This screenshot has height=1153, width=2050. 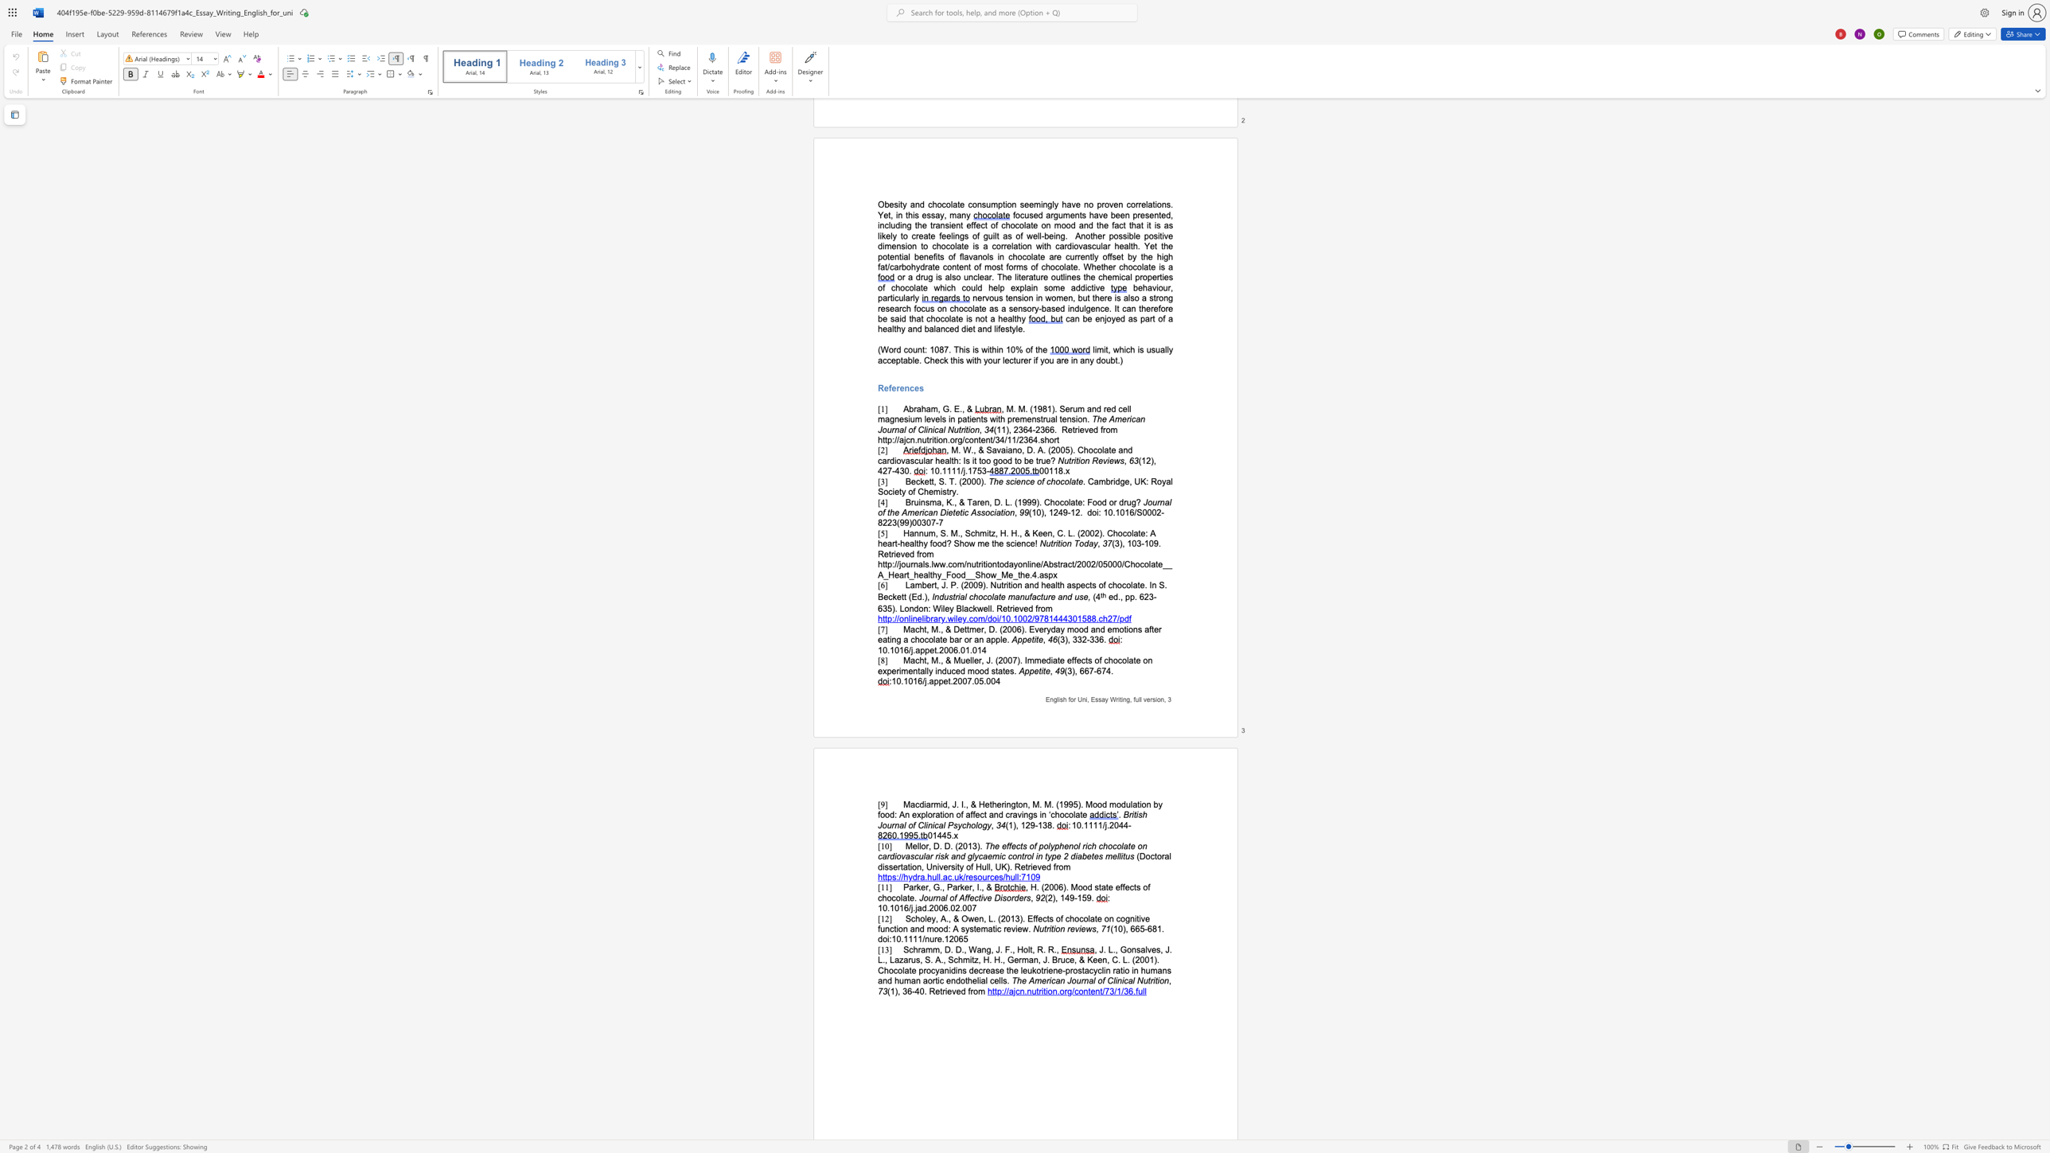 What do you see at coordinates (972, 649) in the screenshot?
I see `the subset text "01" within the text "10.1016/j.appet.2006.01.014"` at bounding box center [972, 649].